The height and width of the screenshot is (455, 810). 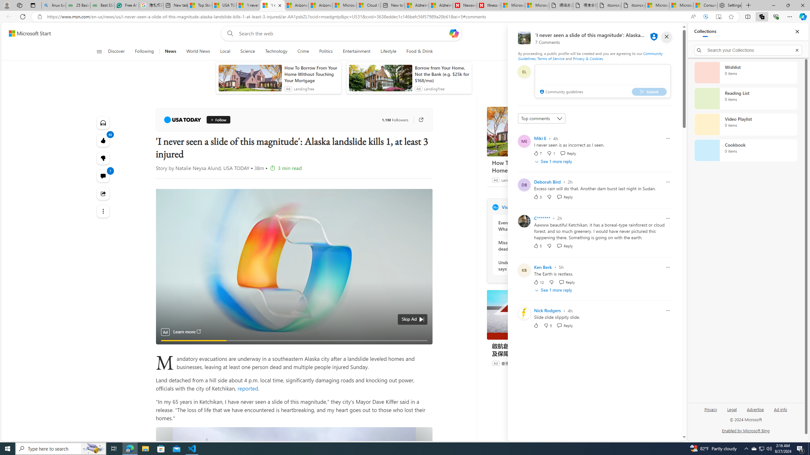 I want to click on 'Pause', so click(x=165, y=337).